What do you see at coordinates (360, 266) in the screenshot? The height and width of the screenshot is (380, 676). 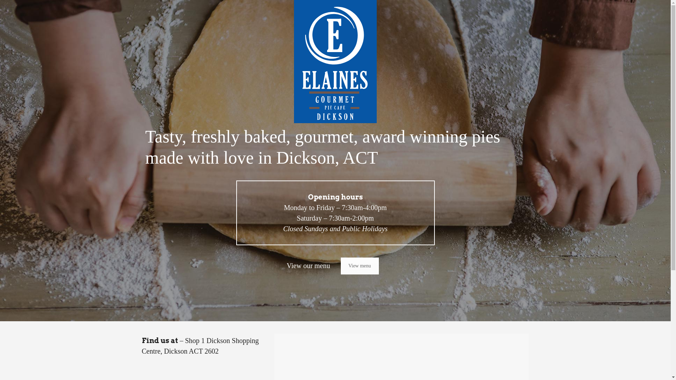 I see `'View menu'` at bounding box center [360, 266].